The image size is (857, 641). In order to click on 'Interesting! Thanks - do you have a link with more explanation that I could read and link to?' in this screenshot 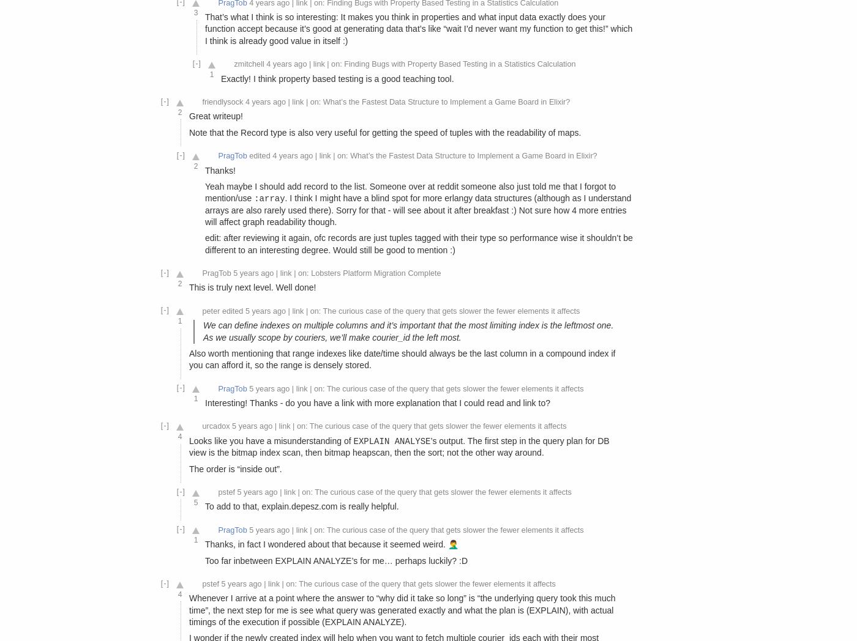, I will do `click(377, 402)`.